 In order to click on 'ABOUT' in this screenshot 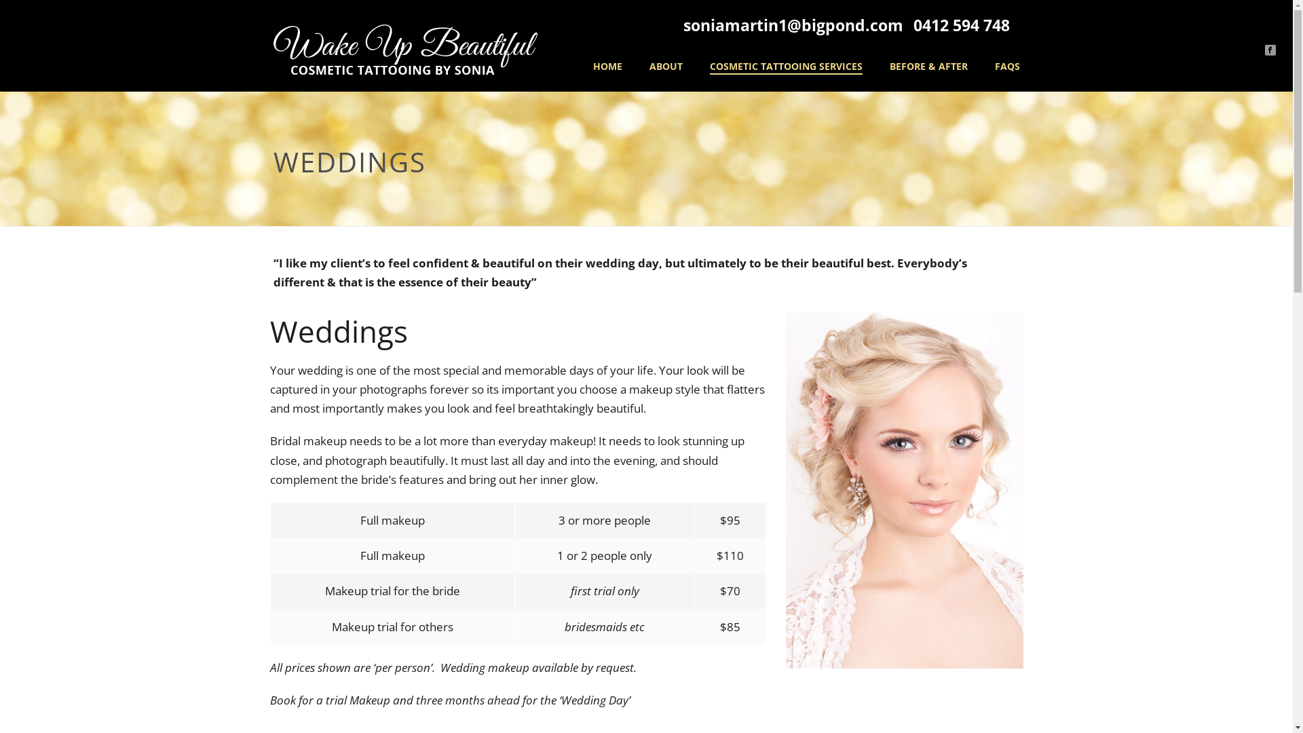, I will do `click(635, 67)`.